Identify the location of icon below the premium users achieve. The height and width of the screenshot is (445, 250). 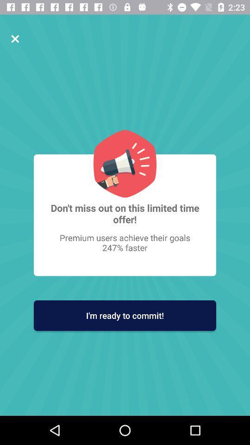
(125, 315).